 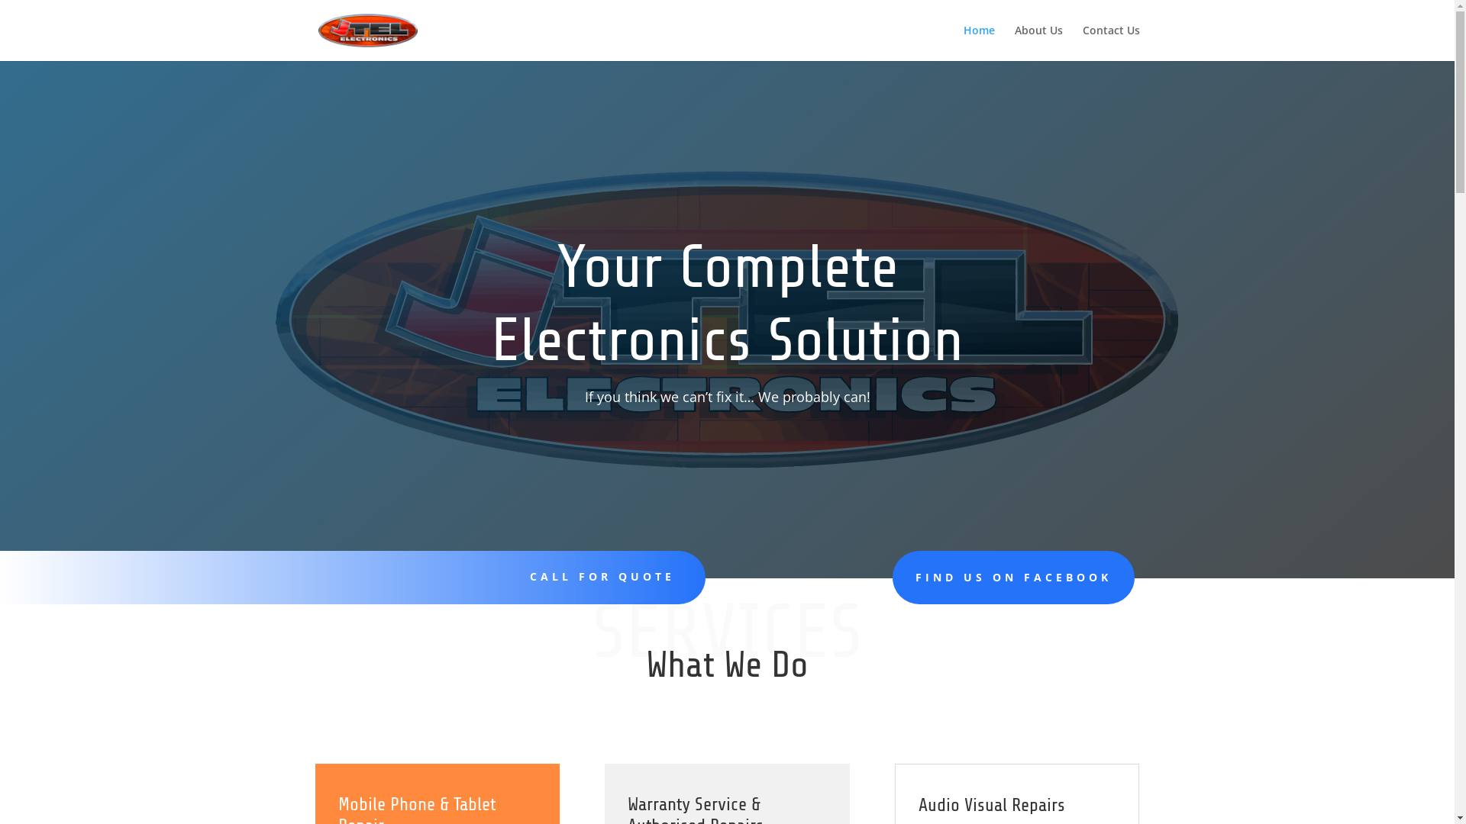 What do you see at coordinates (979, 42) in the screenshot?
I see `'Home'` at bounding box center [979, 42].